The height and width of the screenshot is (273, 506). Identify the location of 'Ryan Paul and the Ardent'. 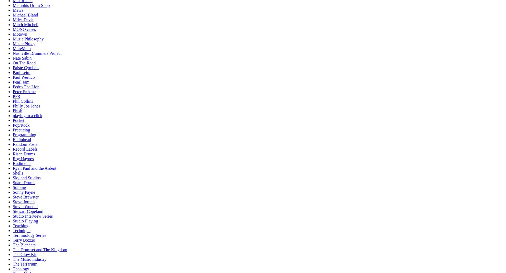
(13, 168).